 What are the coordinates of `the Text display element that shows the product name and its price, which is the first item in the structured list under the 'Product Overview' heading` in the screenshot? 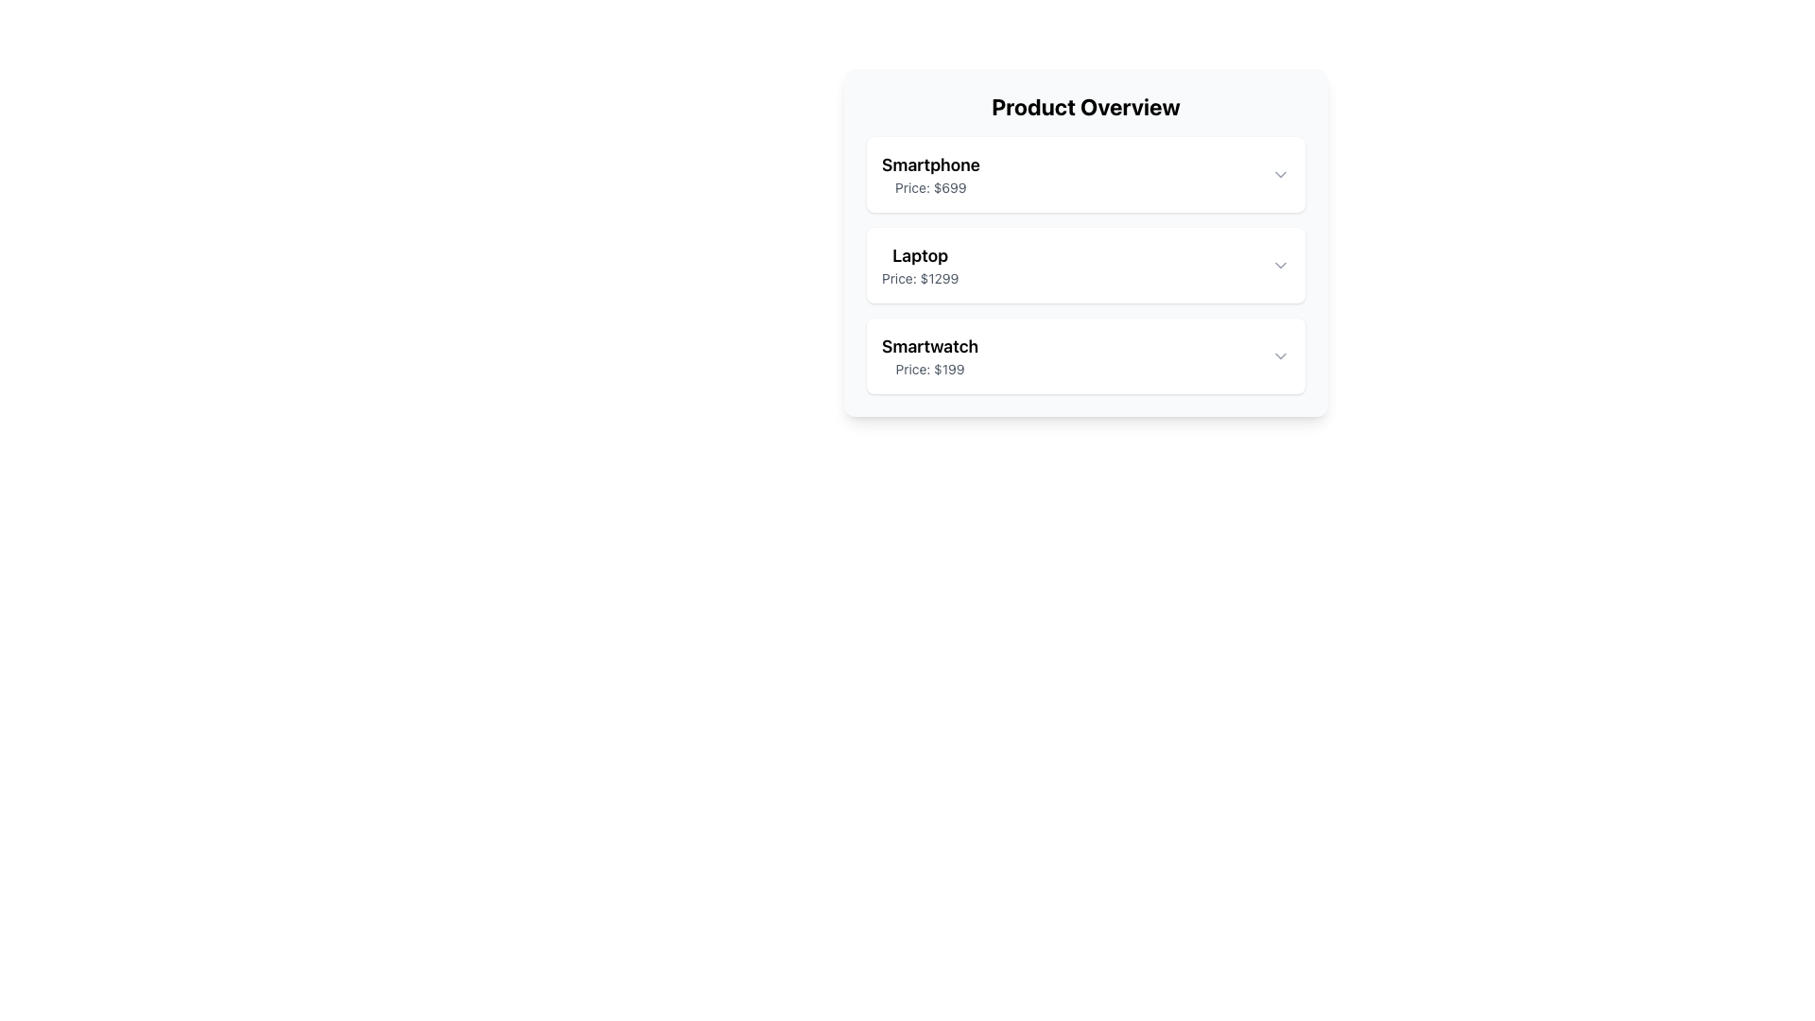 It's located at (930, 175).